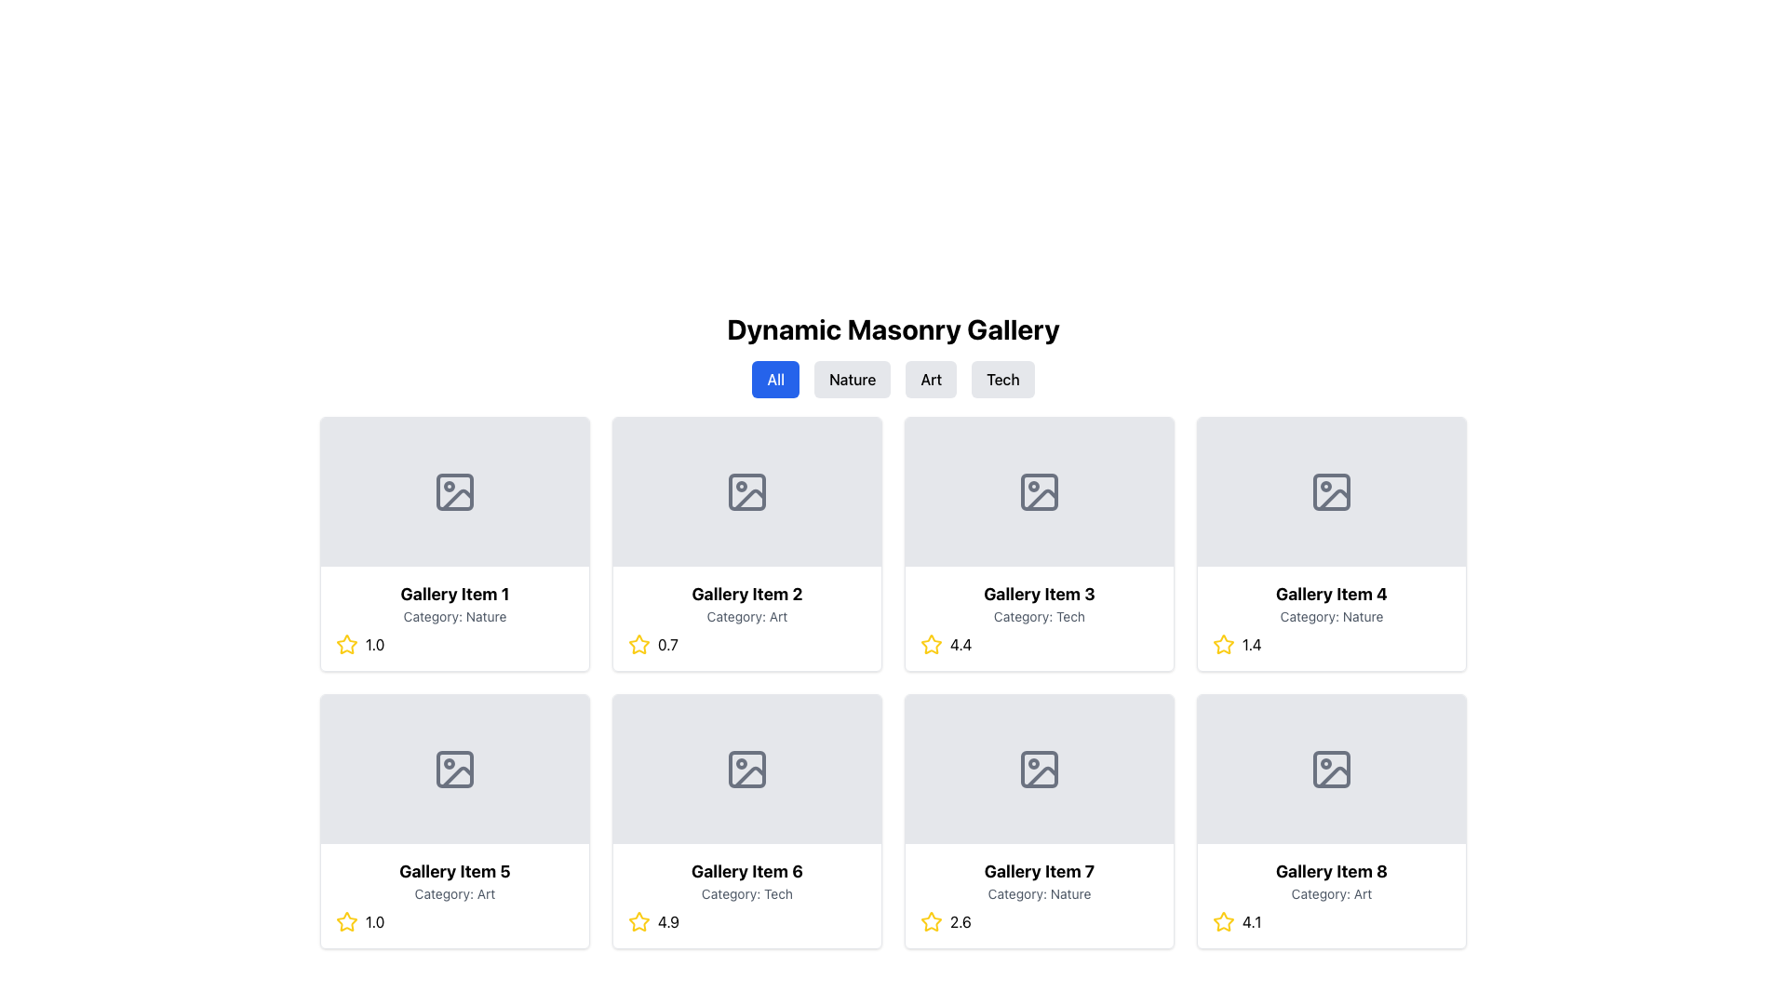  What do you see at coordinates (932, 644) in the screenshot?
I see `the yellow star-shaped icon representing a rating of '4.4' in the third card of the first row in the gallery` at bounding box center [932, 644].